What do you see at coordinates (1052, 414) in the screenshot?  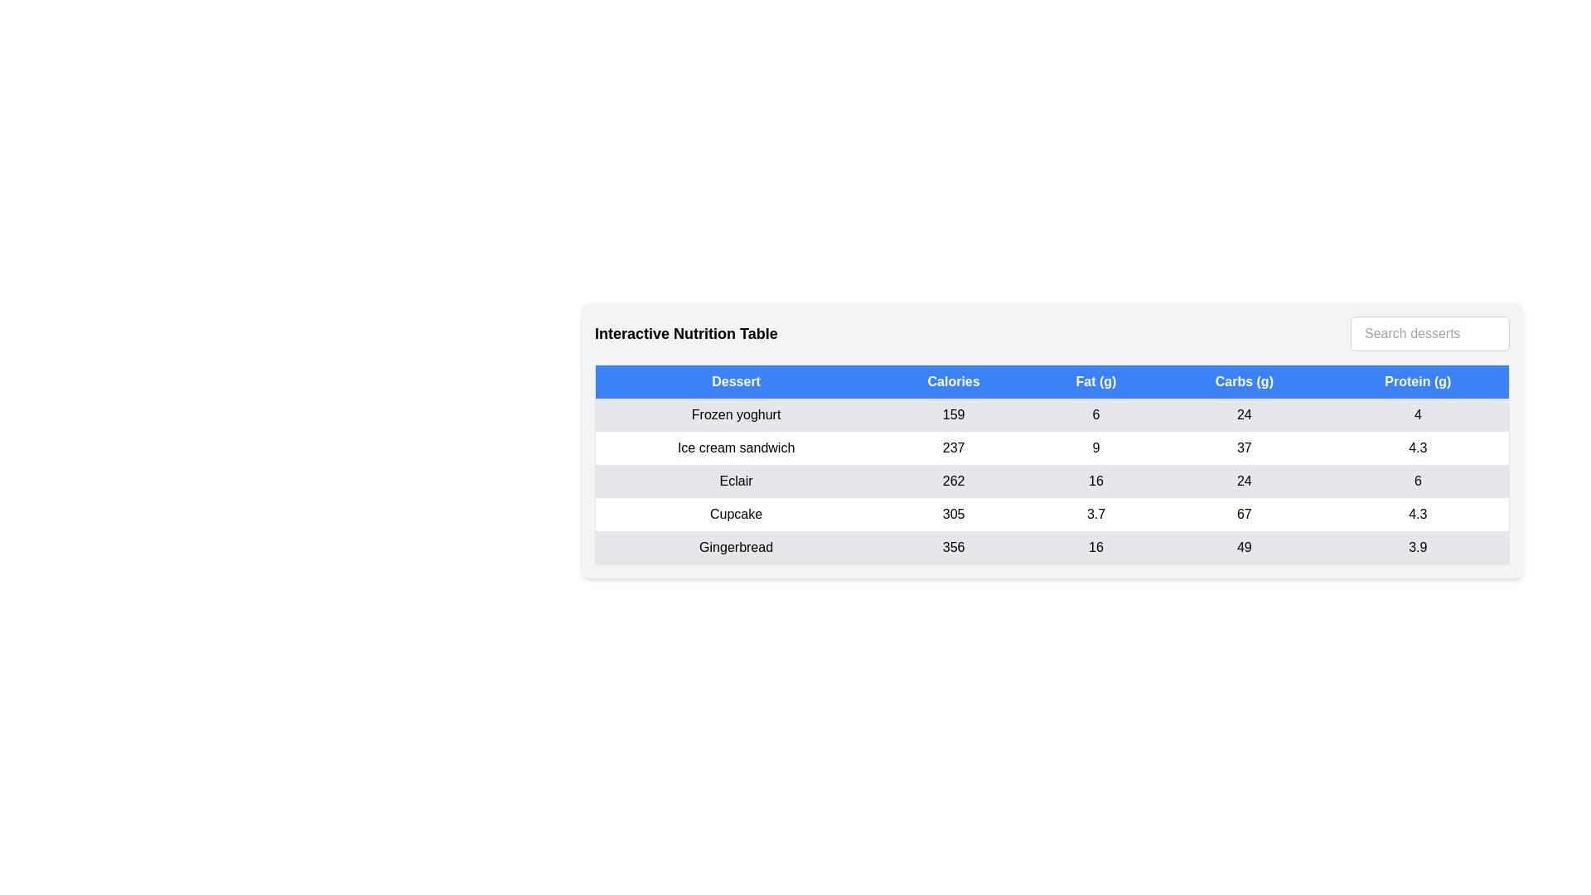 I see `the row corresponding to Frozen yoghurt` at bounding box center [1052, 414].